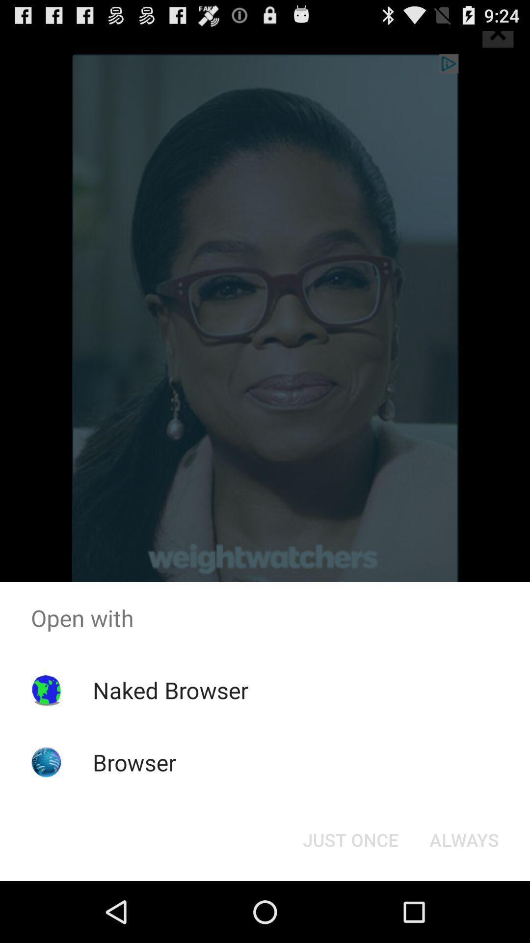  I want to click on icon next to always button, so click(350, 839).